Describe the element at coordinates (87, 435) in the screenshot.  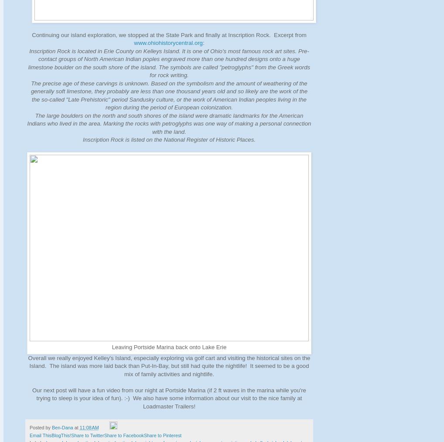
I see `'Share to Twitter'` at that location.